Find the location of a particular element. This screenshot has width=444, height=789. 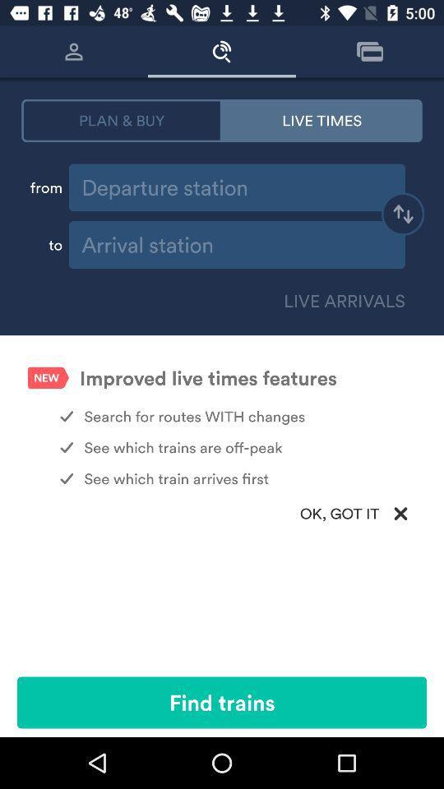

invert is located at coordinates (402, 215).